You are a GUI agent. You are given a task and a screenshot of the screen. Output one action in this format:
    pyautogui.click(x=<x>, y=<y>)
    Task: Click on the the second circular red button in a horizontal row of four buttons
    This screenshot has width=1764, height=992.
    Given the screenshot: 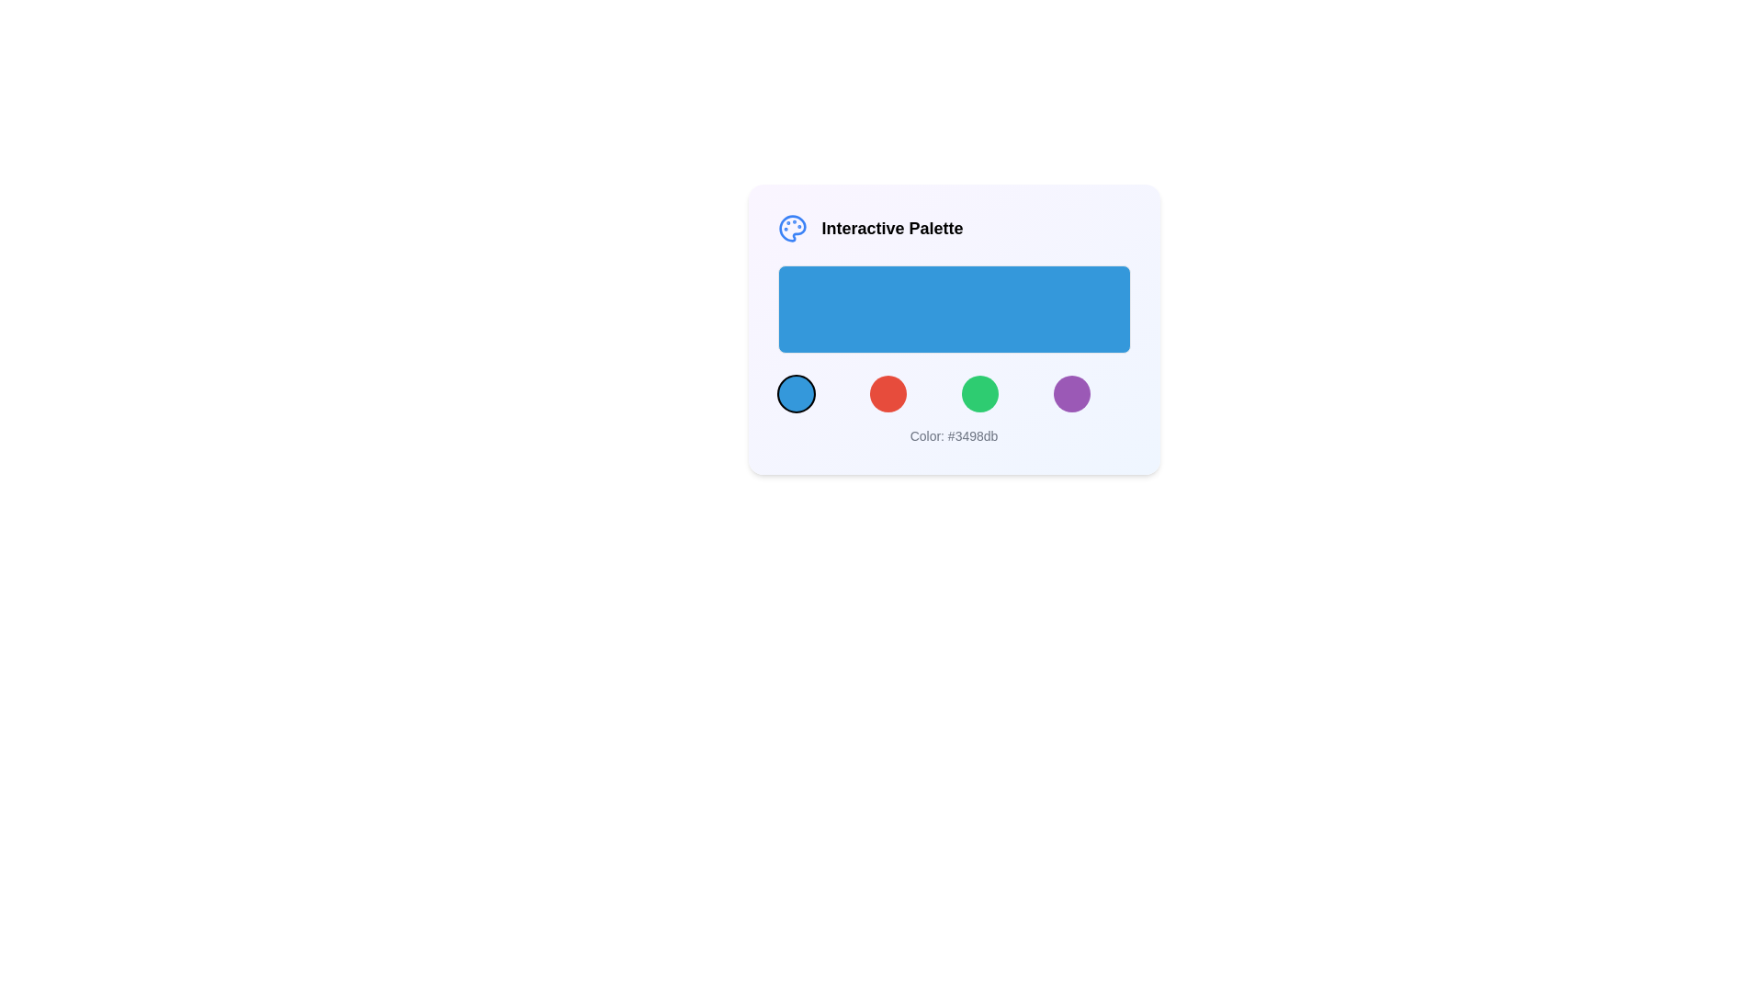 What is the action you would take?
    pyautogui.click(x=888, y=392)
    